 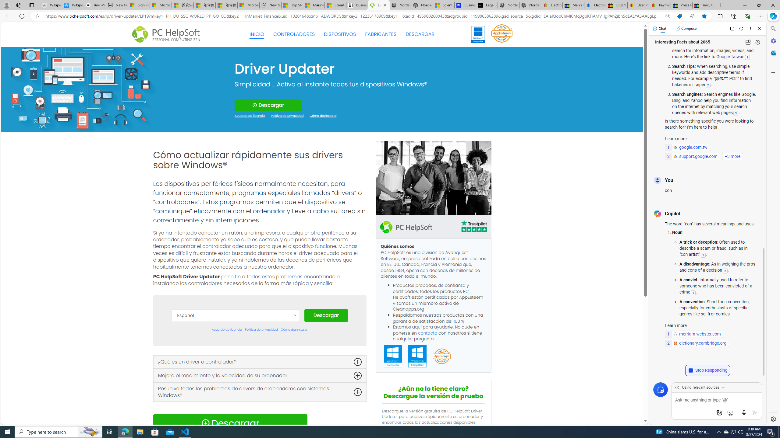 I want to click on 'Top Stories - MSN', so click(x=292, y=5).